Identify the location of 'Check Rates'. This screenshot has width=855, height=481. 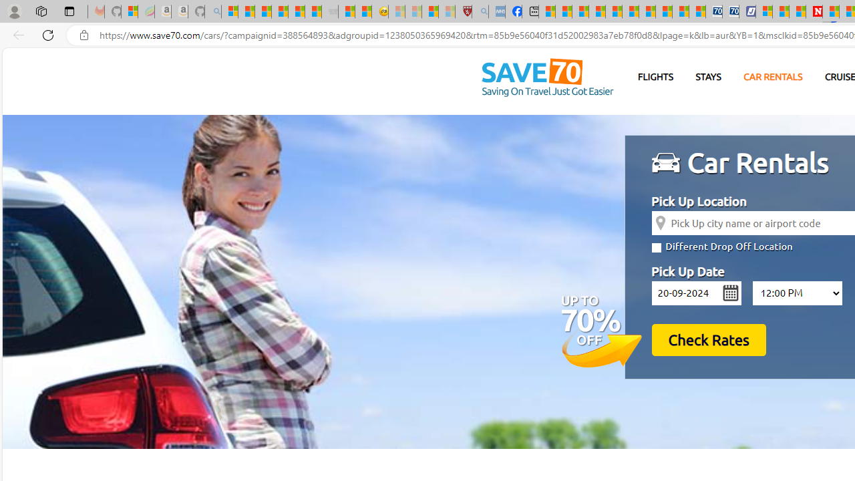
(708, 339).